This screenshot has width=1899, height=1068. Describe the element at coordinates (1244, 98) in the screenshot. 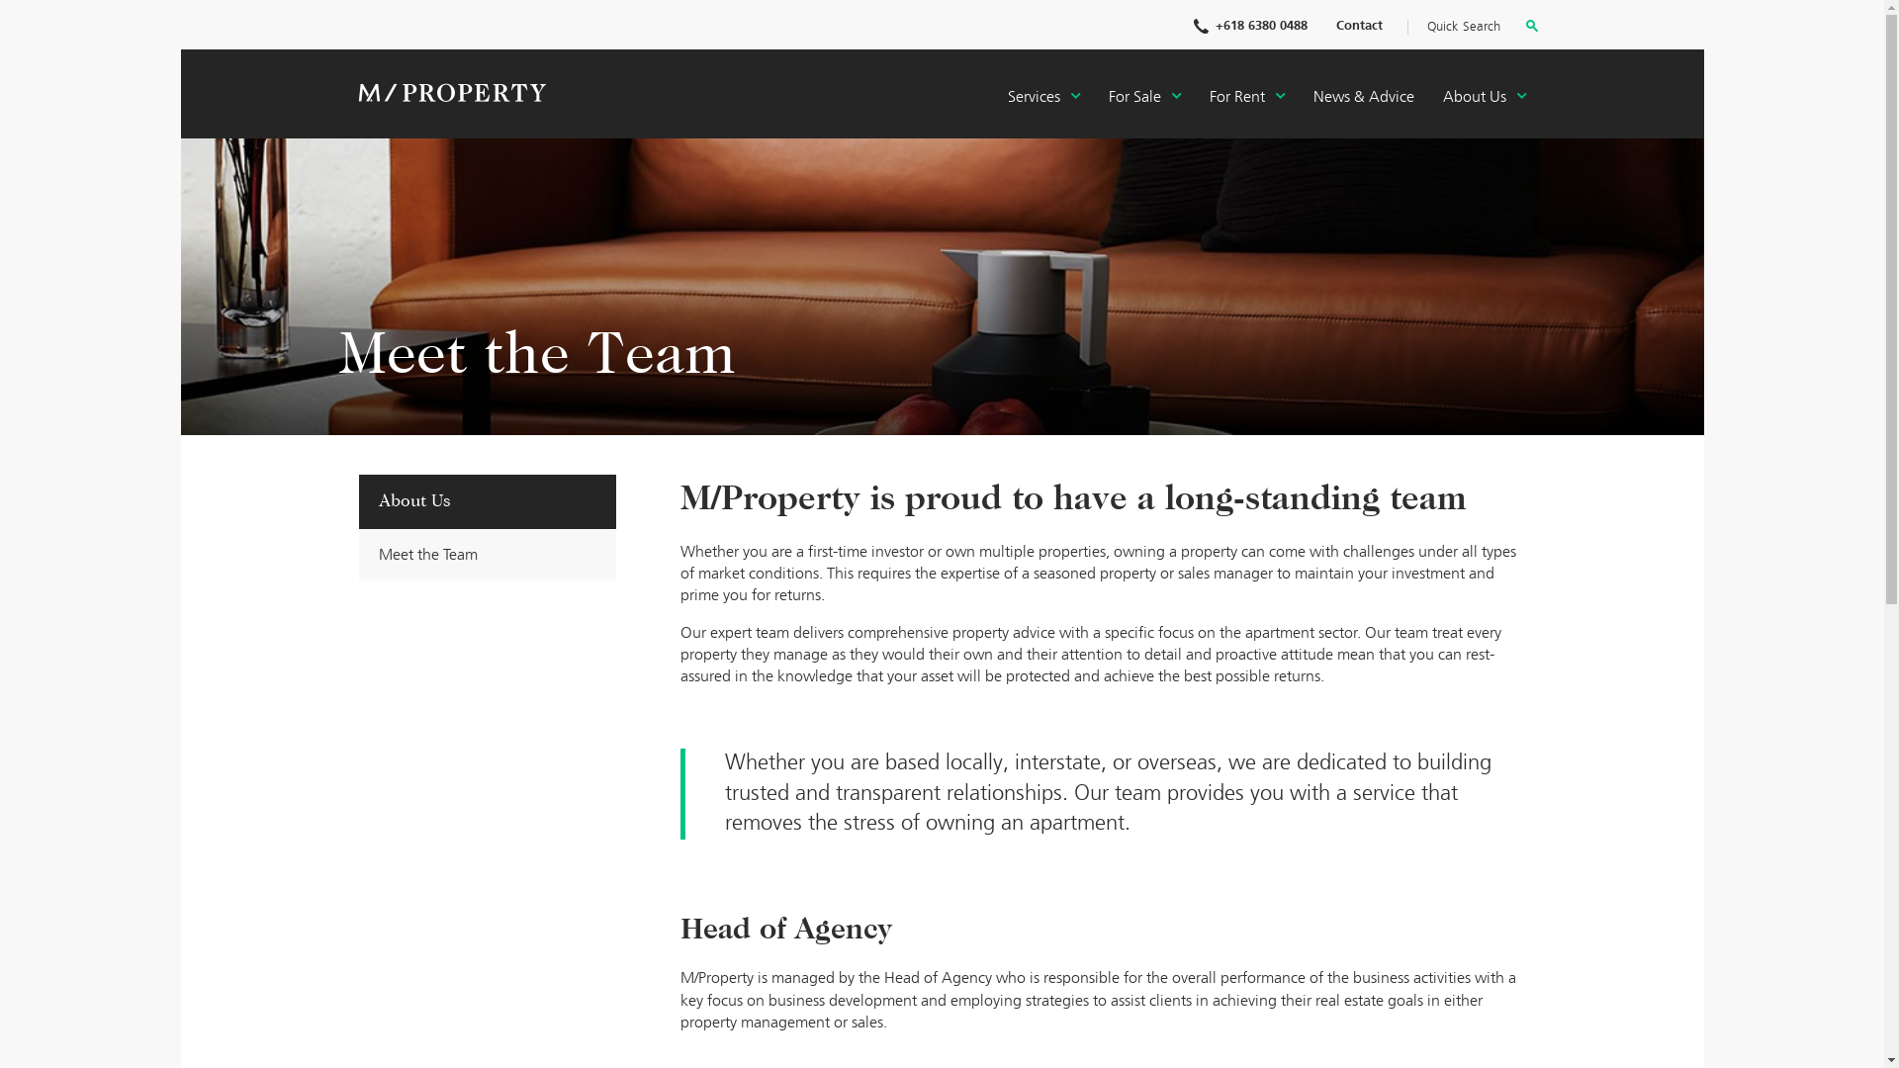

I see `'For Rent'` at that location.